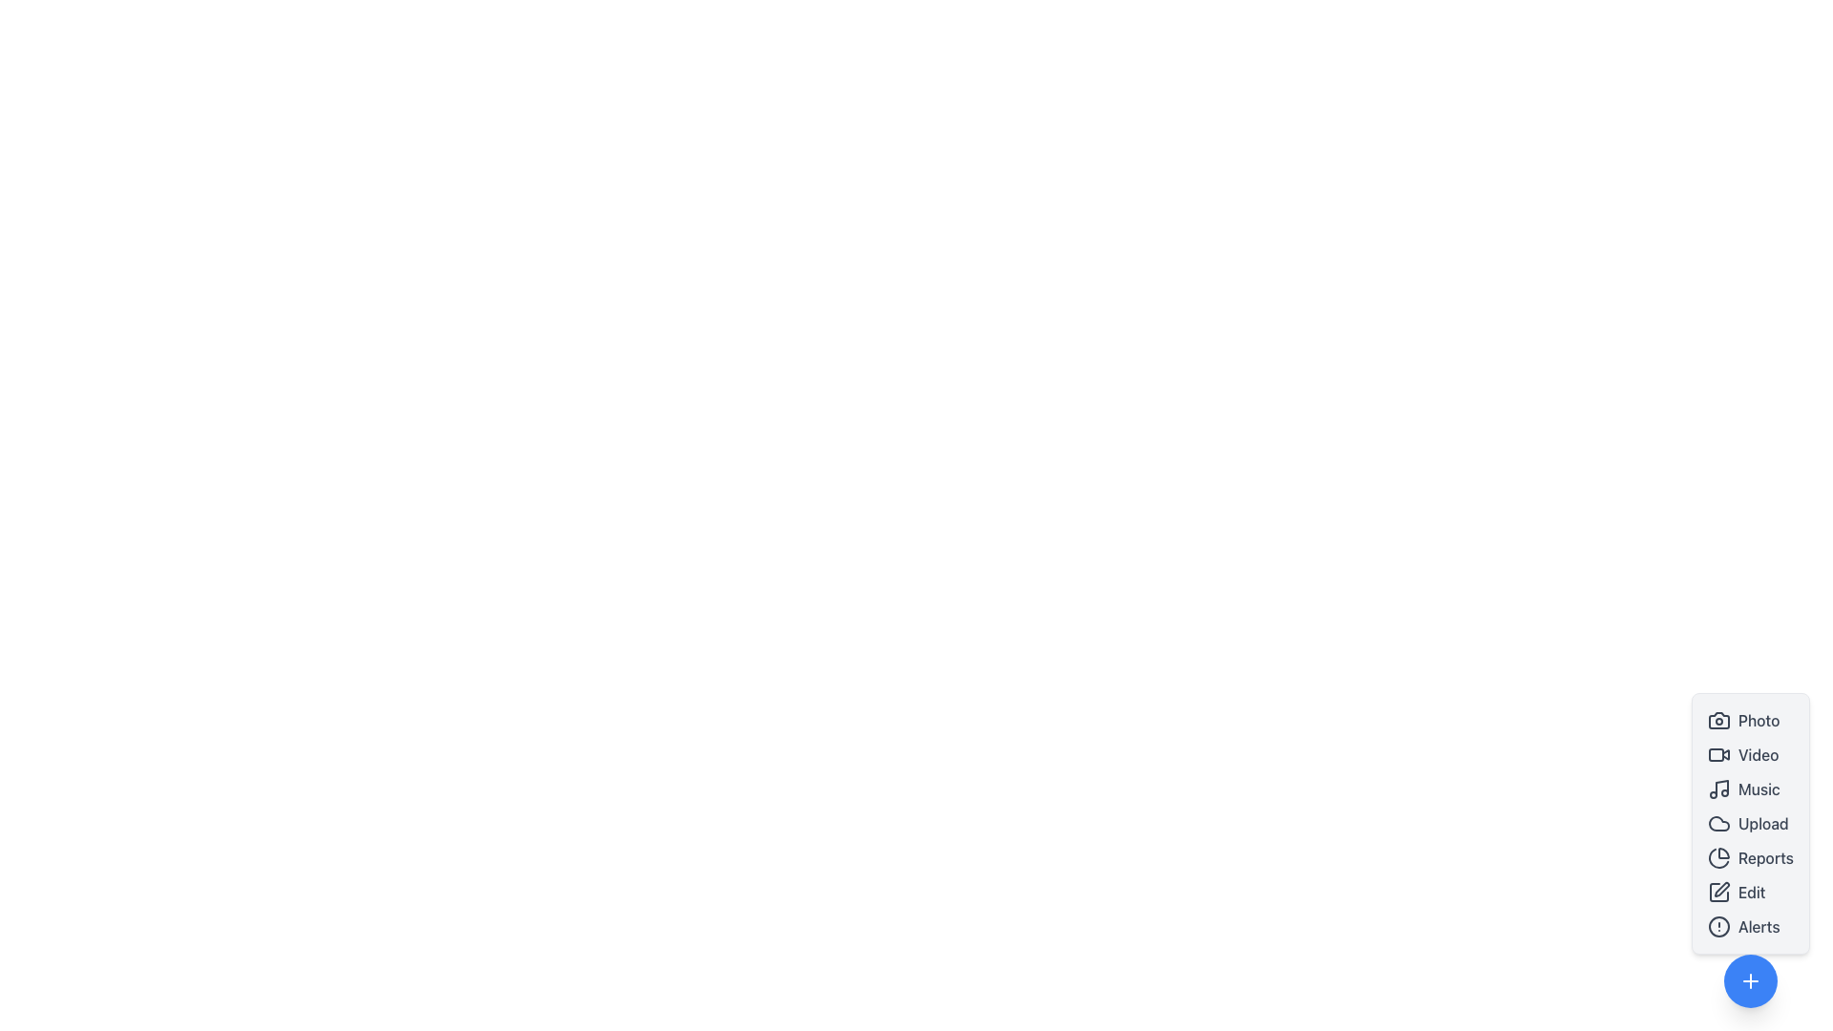  I want to click on the circular alert icon located at the bottom of the vertical menu column on the right side of the page, so click(1718, 926).